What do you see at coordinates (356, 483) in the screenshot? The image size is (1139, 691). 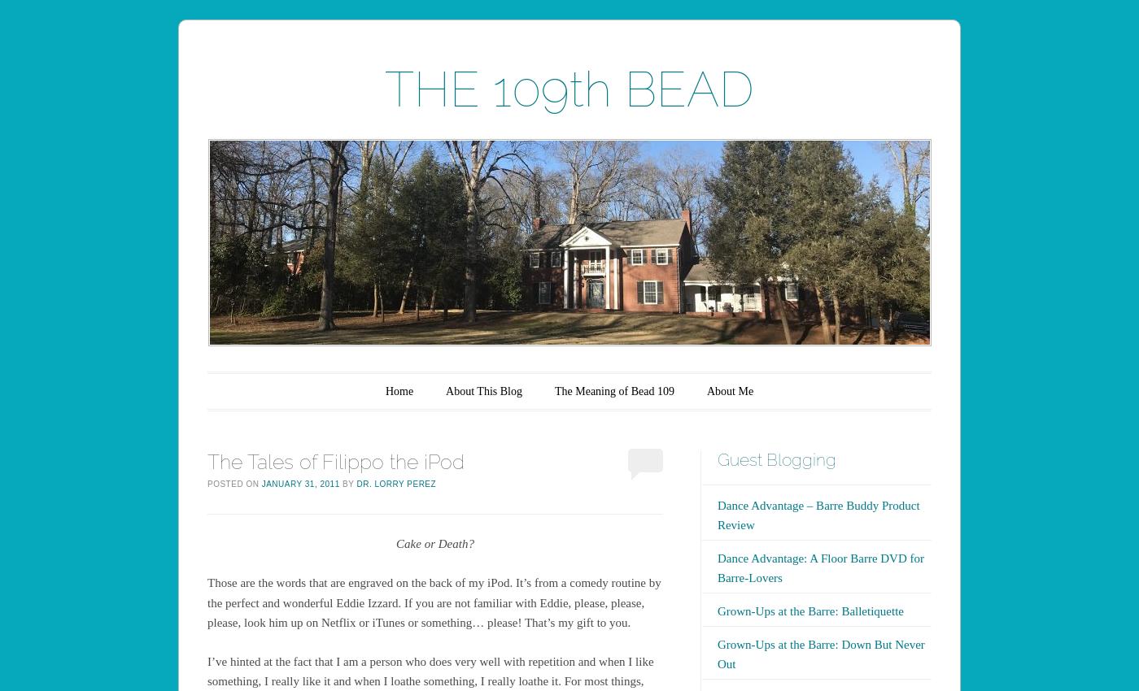 I see `'Dr. Lorry Perez'` at bounding box center [356, 483].